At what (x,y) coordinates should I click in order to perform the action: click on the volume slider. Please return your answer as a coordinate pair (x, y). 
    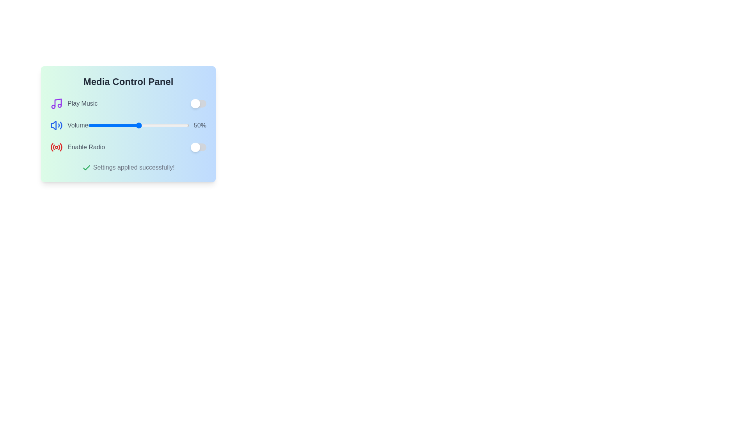
    Looking at the image, I should click on (89, 125).